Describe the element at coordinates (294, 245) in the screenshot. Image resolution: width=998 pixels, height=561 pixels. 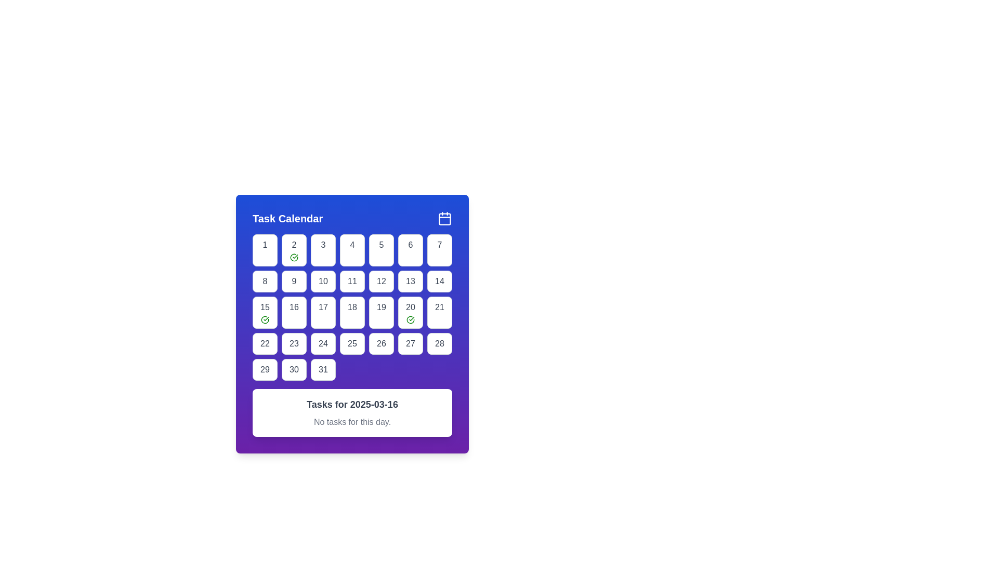
I see `the numeral '2' in the second button of the first row of the calendar grid, which is styled as a bold '2' and has a white background with a border, located under the heading 'Task Calendar'` at that location.